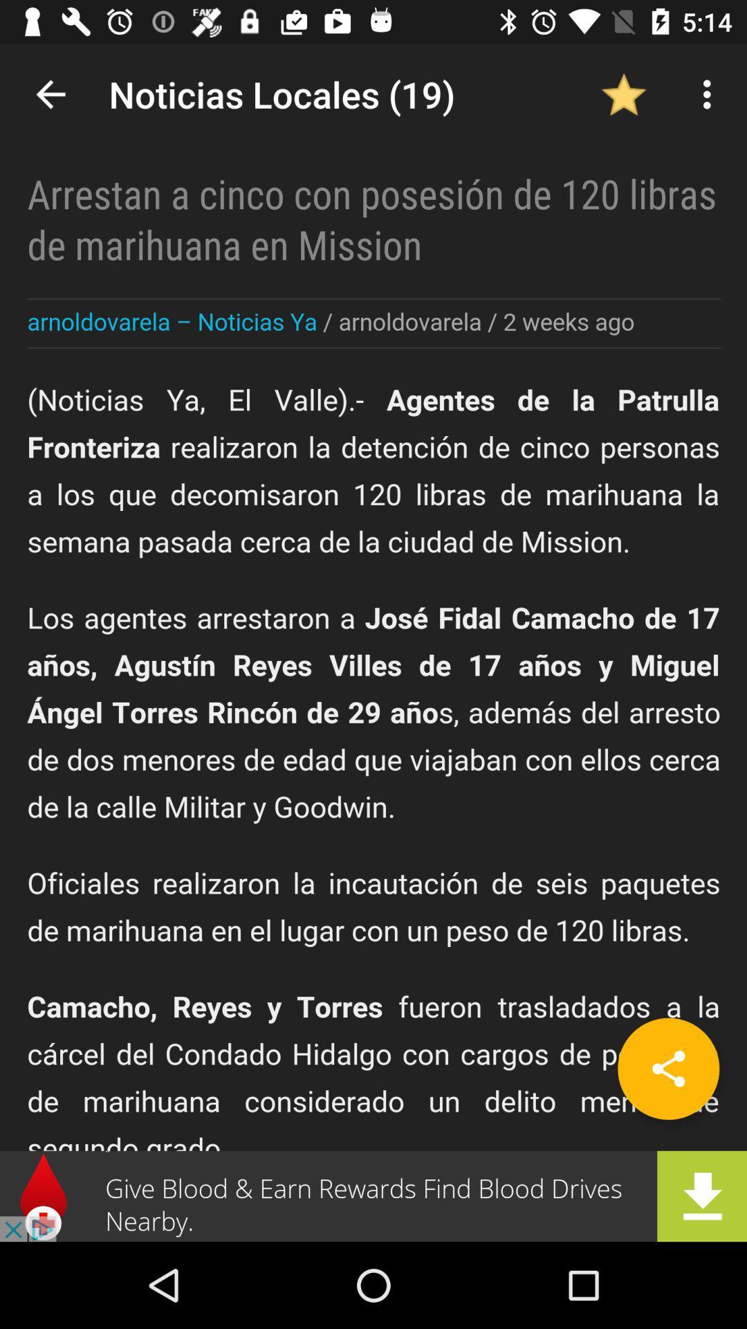  Describe the element at coordinates (667, 1068) in the screenshot. I see `share the content` at that location.